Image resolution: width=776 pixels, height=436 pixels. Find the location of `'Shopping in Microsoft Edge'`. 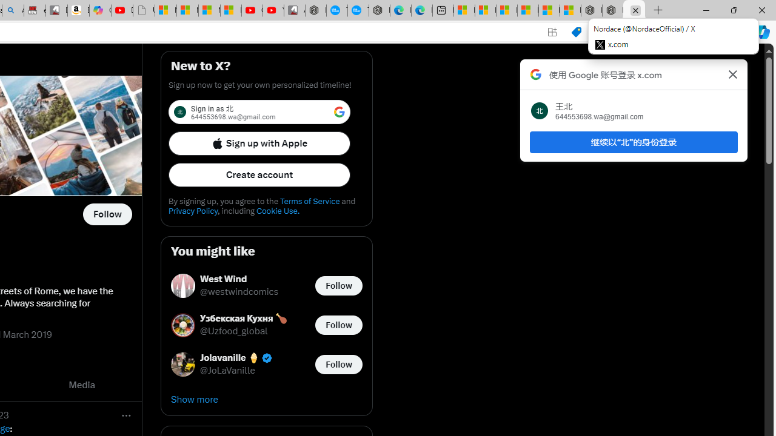

'Shopping in Microsoft Edge' is located at coordinates (576, 31).